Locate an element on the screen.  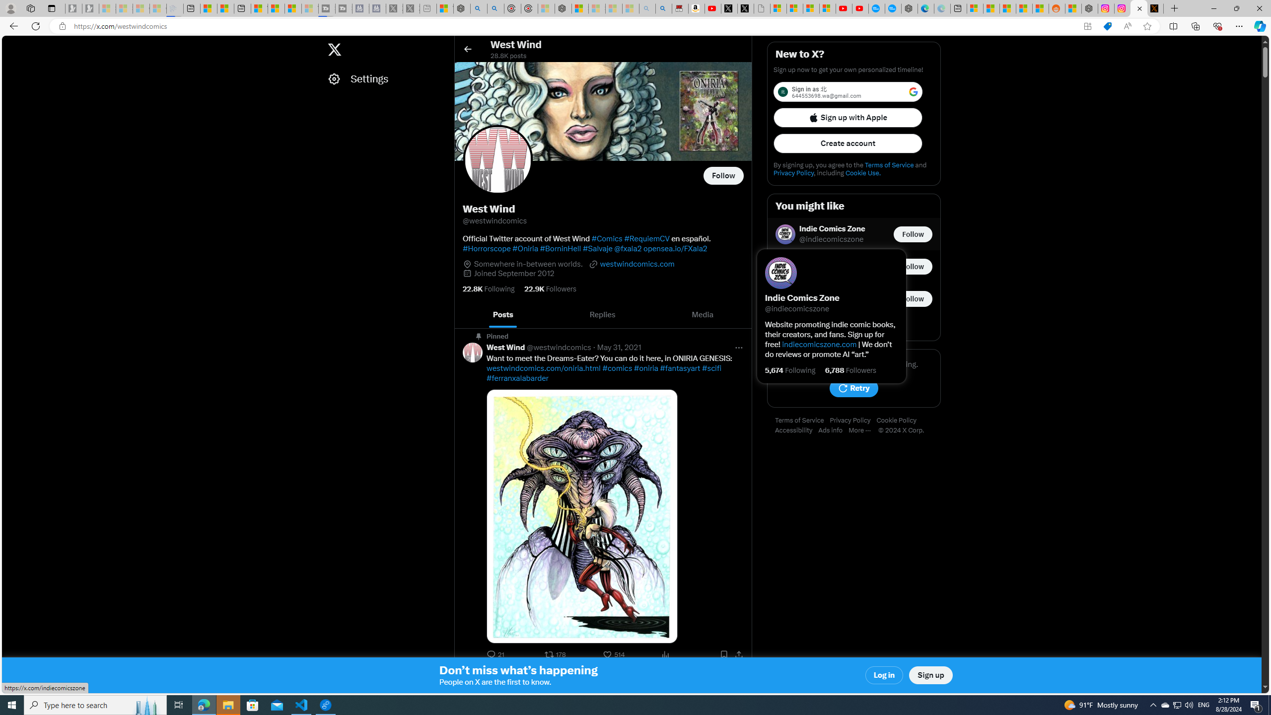
'Cookie Use.' is located at coordinates (862, 173).